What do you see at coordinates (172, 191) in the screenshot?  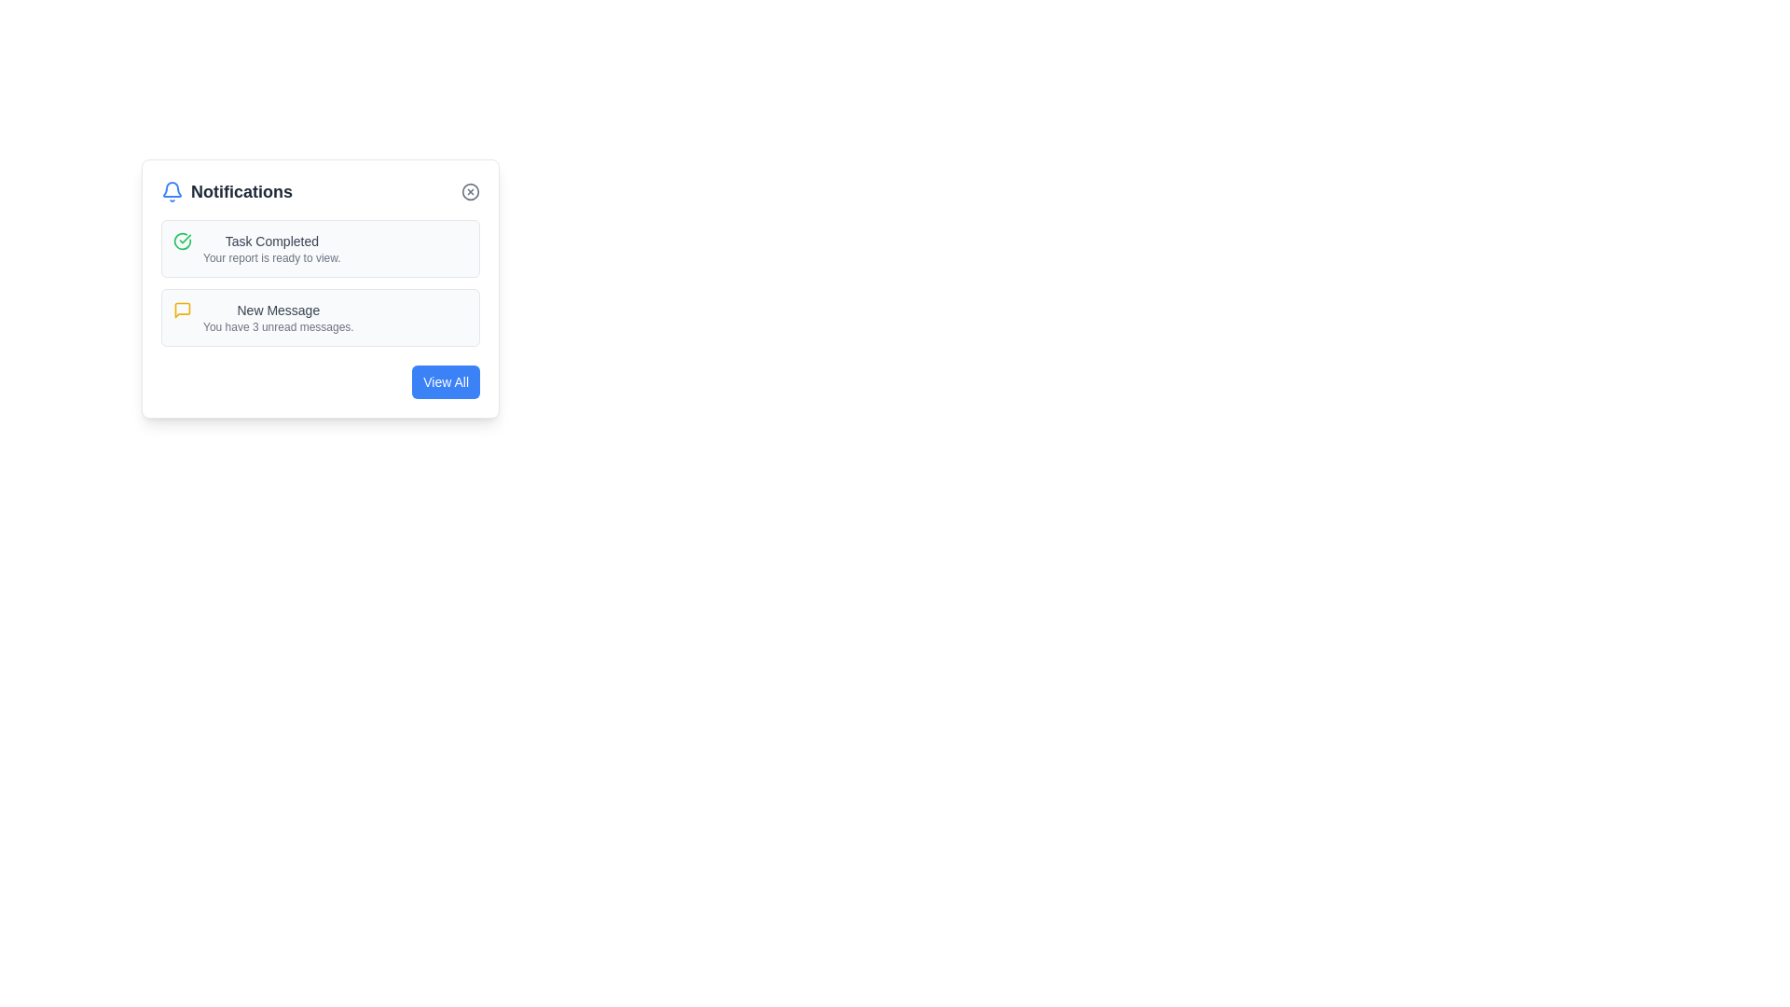 I see `the blue bell icon representing the Notifications section, located at the top-left within the Notifications header area` at bounding box center [172, 191].